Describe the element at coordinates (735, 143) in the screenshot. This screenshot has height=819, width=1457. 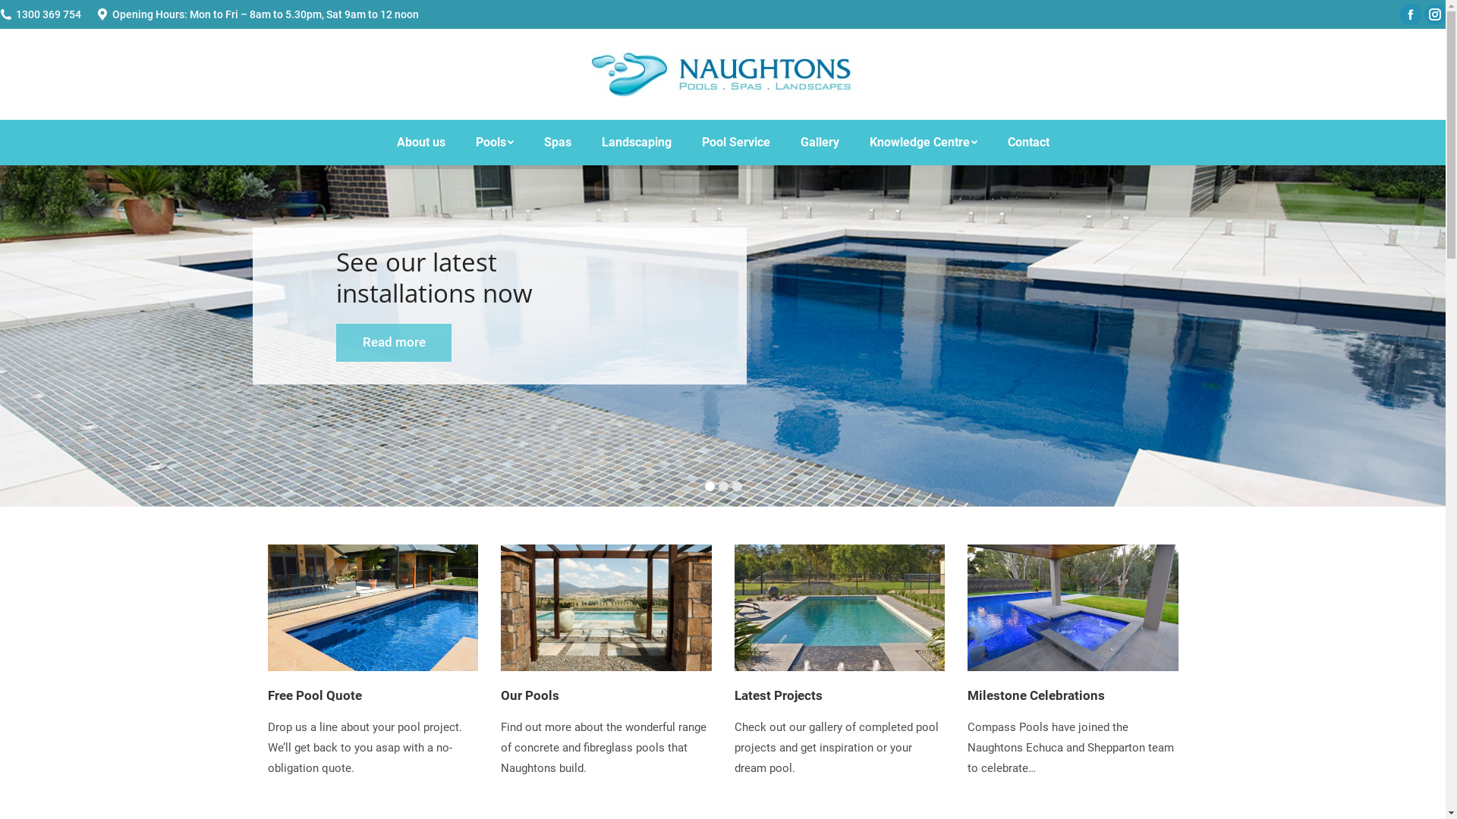
I see `'Pool Service'` at that location.